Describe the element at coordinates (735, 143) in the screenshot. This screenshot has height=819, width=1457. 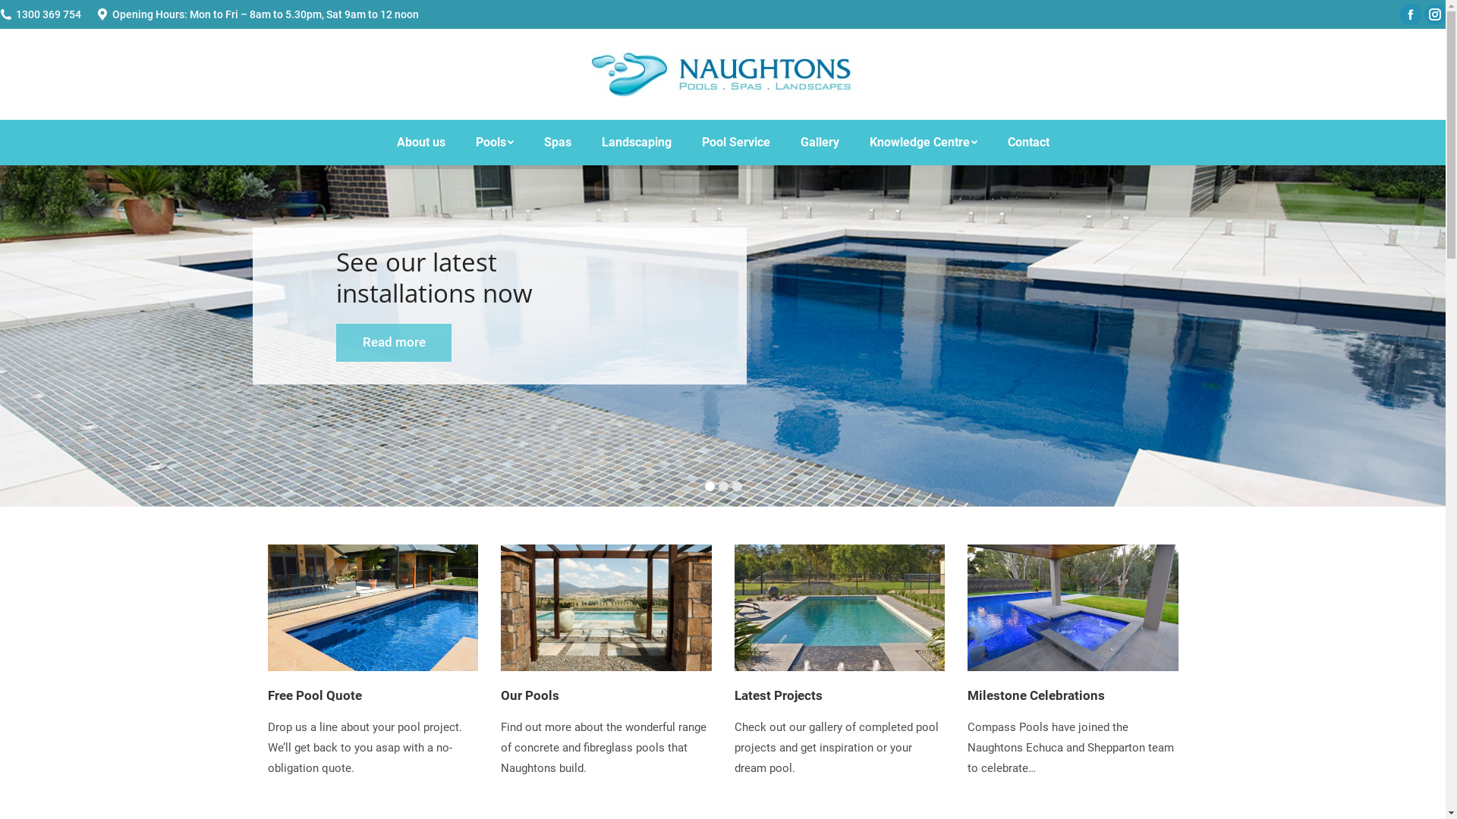
I see `'Pool Service'` at that location.